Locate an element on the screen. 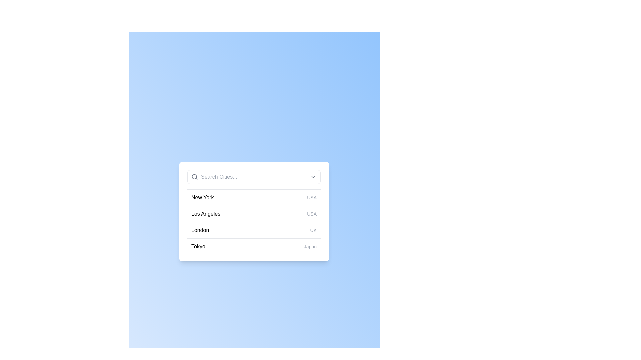 The image size is (641, 360). the list item displaying 'Los Angeles, USA' is located at coordinates (254, 221).